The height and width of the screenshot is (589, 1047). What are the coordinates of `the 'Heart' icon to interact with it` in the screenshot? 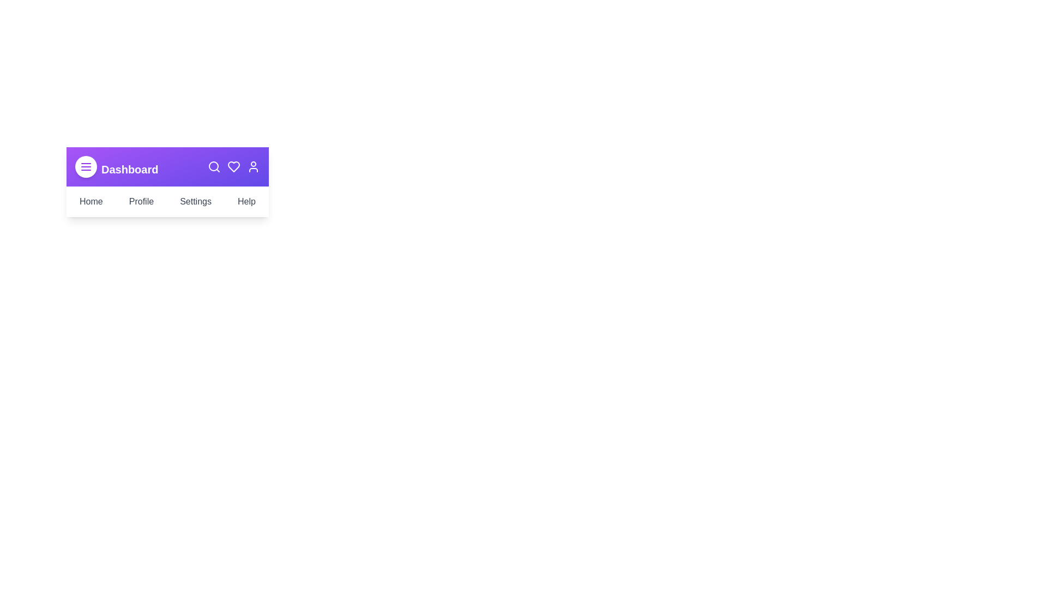 It's located at (233, 166).